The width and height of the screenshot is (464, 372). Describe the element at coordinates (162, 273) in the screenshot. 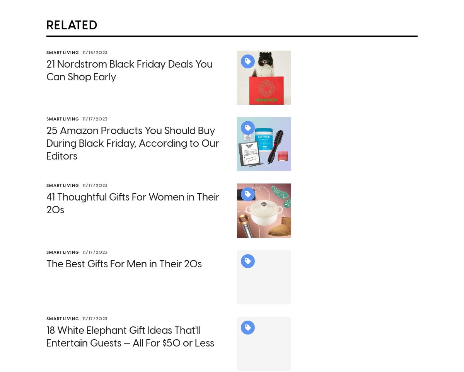

I see `'Best Early Black Friday and Cyber Monday Beauty Deals on Body Care and Fragrance'` at that location.